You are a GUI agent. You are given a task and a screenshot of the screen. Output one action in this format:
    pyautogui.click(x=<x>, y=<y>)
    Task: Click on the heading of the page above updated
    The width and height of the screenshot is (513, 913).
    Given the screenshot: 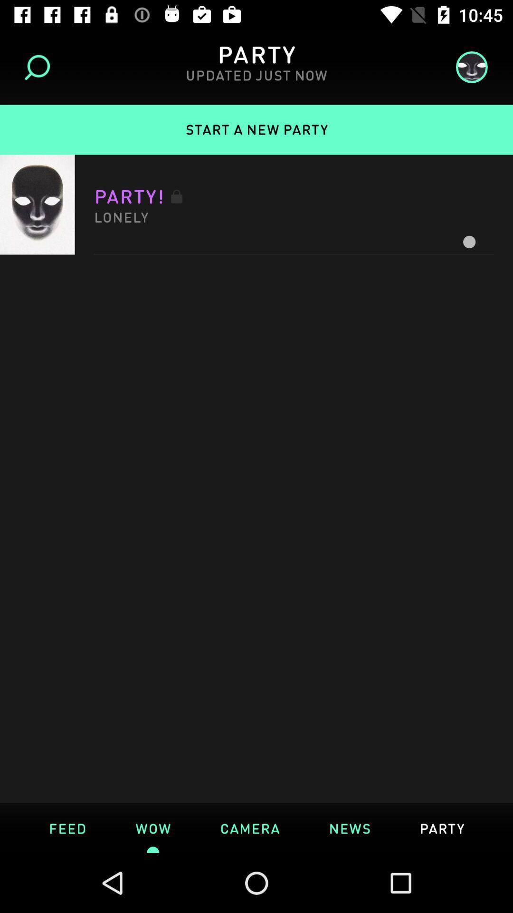 What is the action you would take?
    pyautogui.click(x=256, y=53)
    